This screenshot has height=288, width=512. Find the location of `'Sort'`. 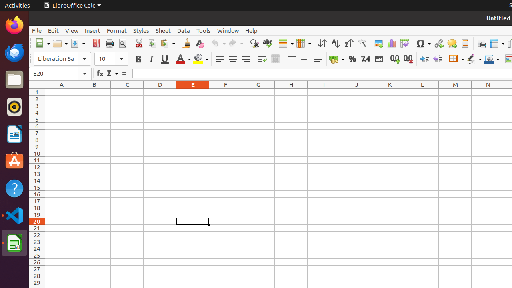

'Sort' is located at coordinates (322, 43).